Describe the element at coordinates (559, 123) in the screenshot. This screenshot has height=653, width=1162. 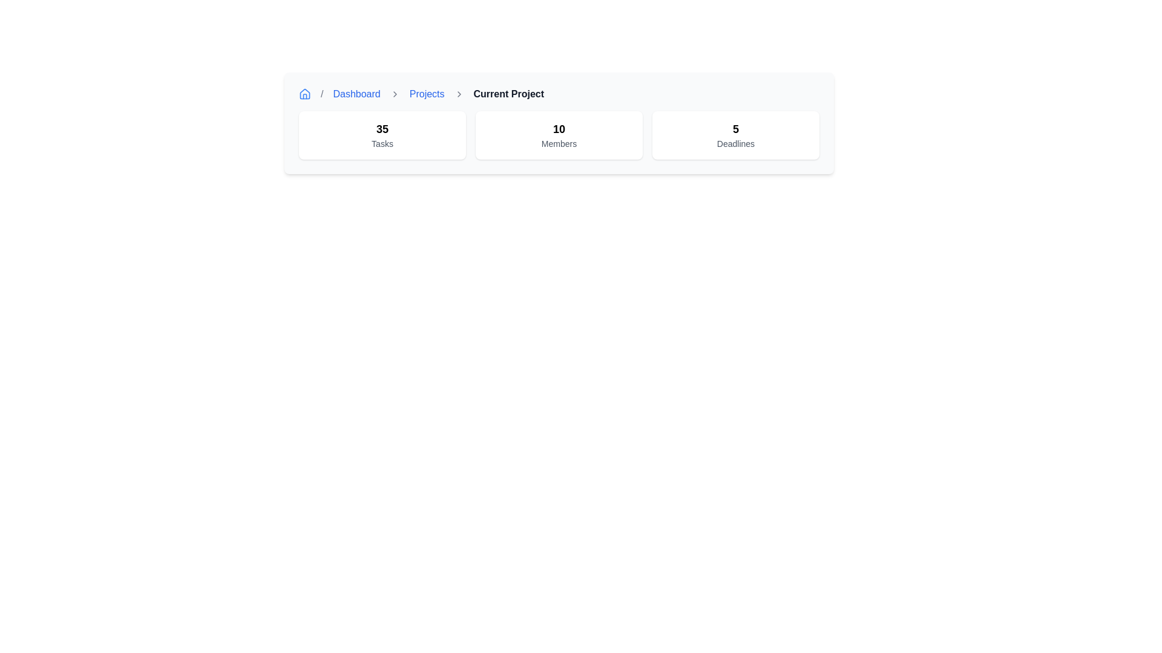
I see `Informational Label Card displaying the summary count of members involved in the 'Current Project', located in the middle section of the grid layout under the heading 'Current Project'` at that location.